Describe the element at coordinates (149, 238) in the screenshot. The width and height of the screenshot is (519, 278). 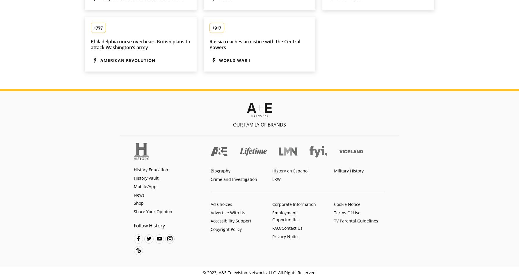
I see `'e'` at that location.